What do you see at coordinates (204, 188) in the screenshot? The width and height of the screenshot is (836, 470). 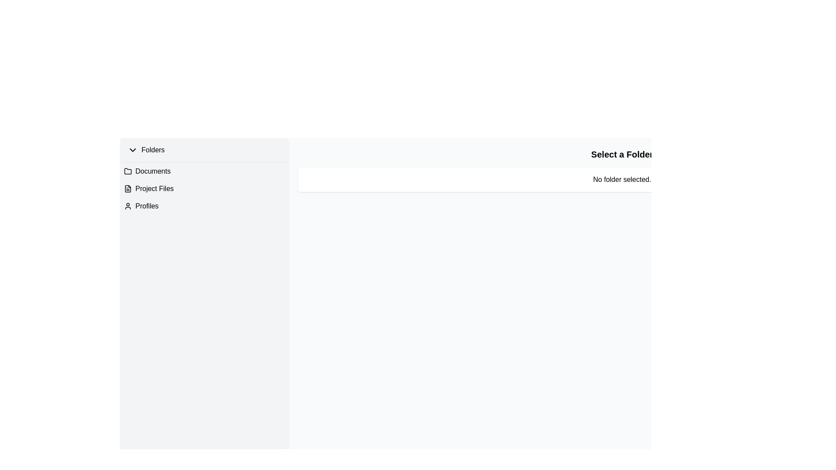 I see `the 'Project Files' list item, which is located below 'Documents' and above 'Profiles' in the left panel` at bounding box center [204, 188].